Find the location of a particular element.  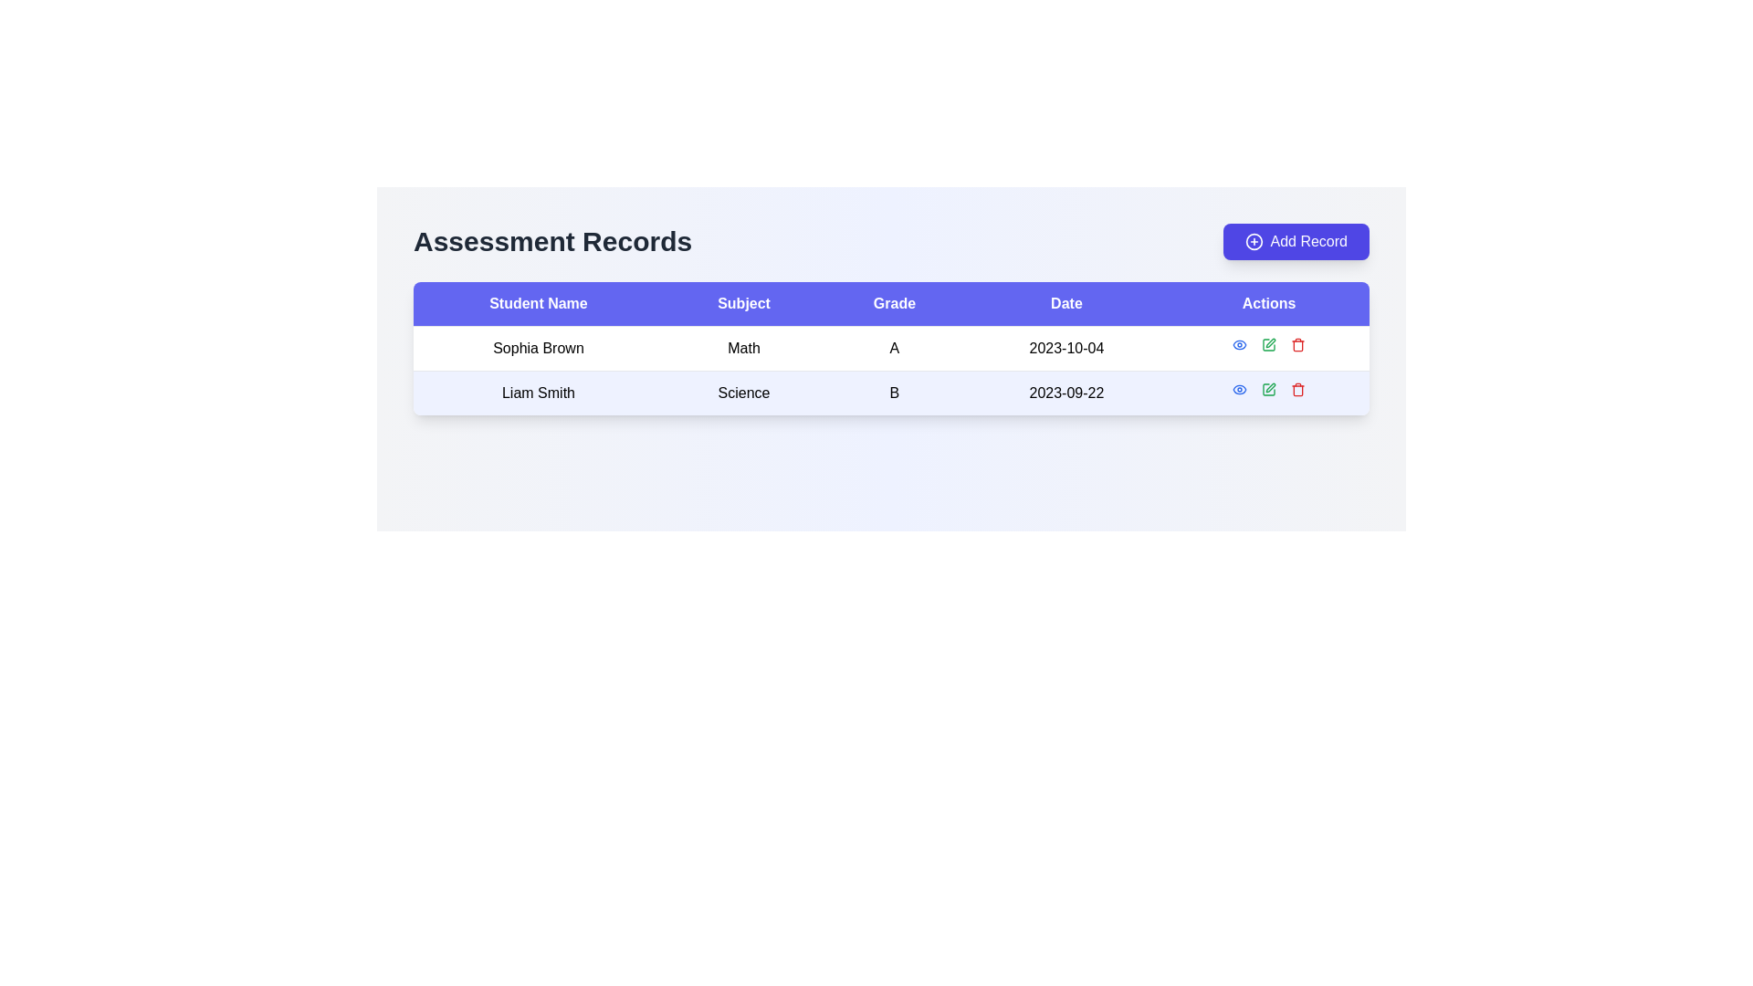

the 'Student Name' label, which is a purple rectangular area with white text centered within it, located at the top-left corner of the table headers is located at coordinates (538, 303).